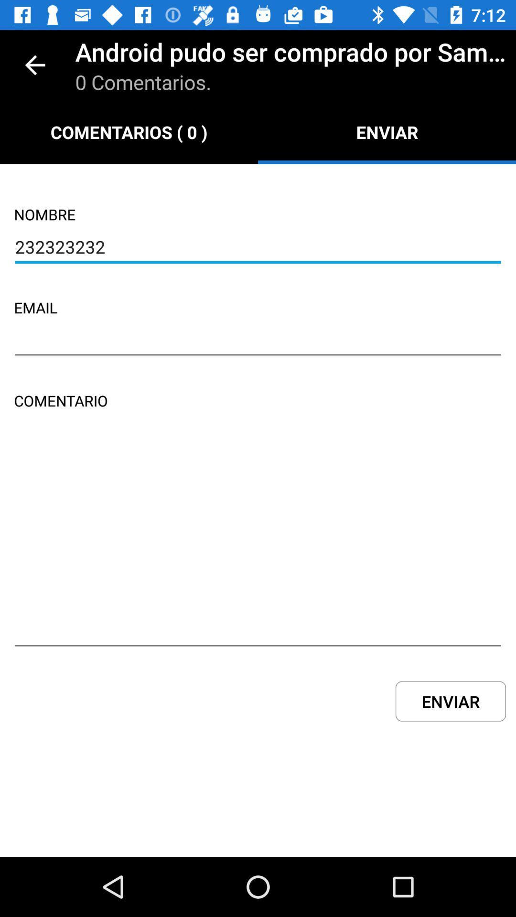  I want to click on icon above email icon, so click(258, 248).